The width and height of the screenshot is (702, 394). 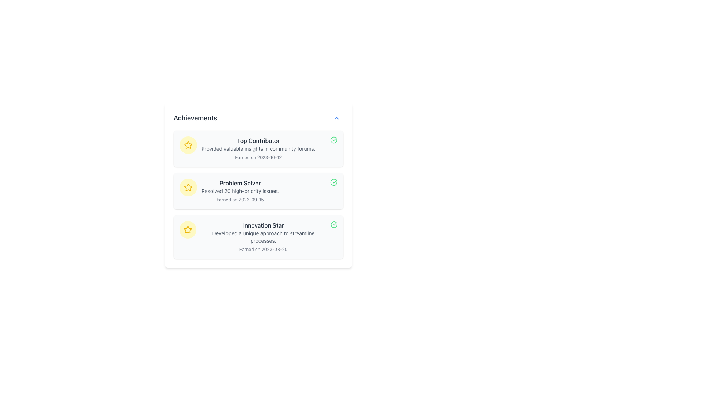 I want to click on the 'Innovation Star' achievement icon, so click(x=188, y=187).